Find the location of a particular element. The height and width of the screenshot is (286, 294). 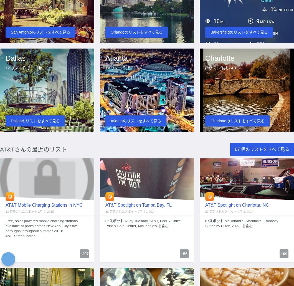

'87 更新されたスポット 9月 3, 2014' is located at coordinates (229, 211).